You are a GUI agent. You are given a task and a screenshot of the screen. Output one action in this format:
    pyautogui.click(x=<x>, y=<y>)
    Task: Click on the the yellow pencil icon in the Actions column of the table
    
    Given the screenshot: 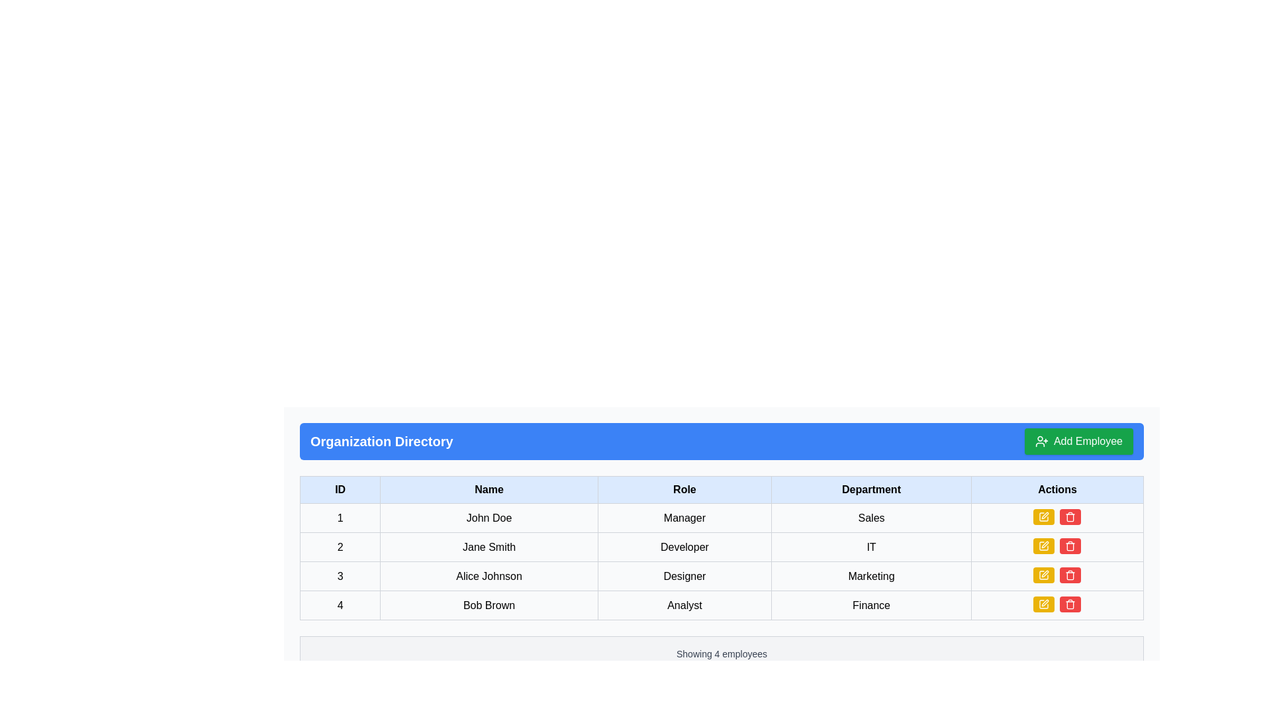 What is the action you would take?
    pyautogui.click(x=1045, y=573)
    